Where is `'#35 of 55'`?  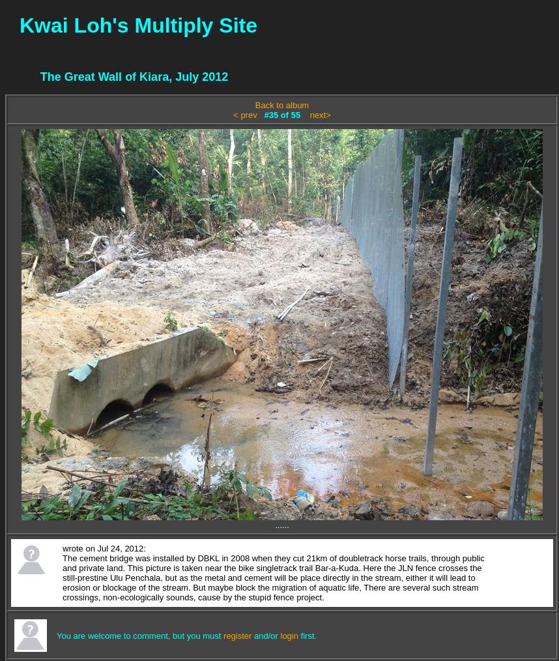 '#35 of 55' is located at coordinates (282, 114).